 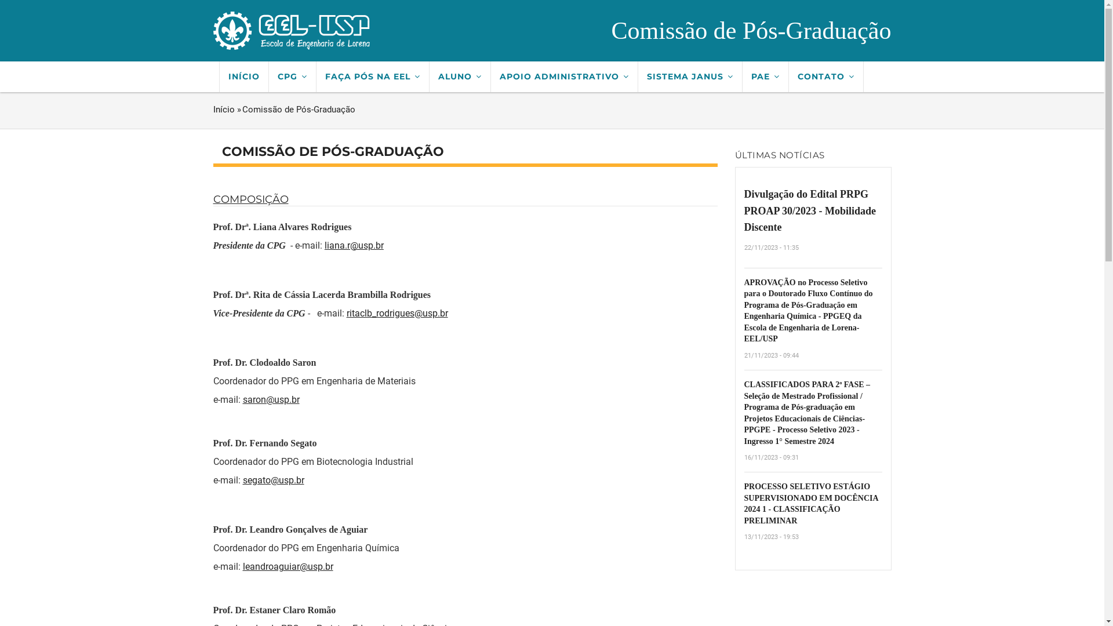 I want to click on 'SISTEMA JANUS', so click(x=690, y=77).